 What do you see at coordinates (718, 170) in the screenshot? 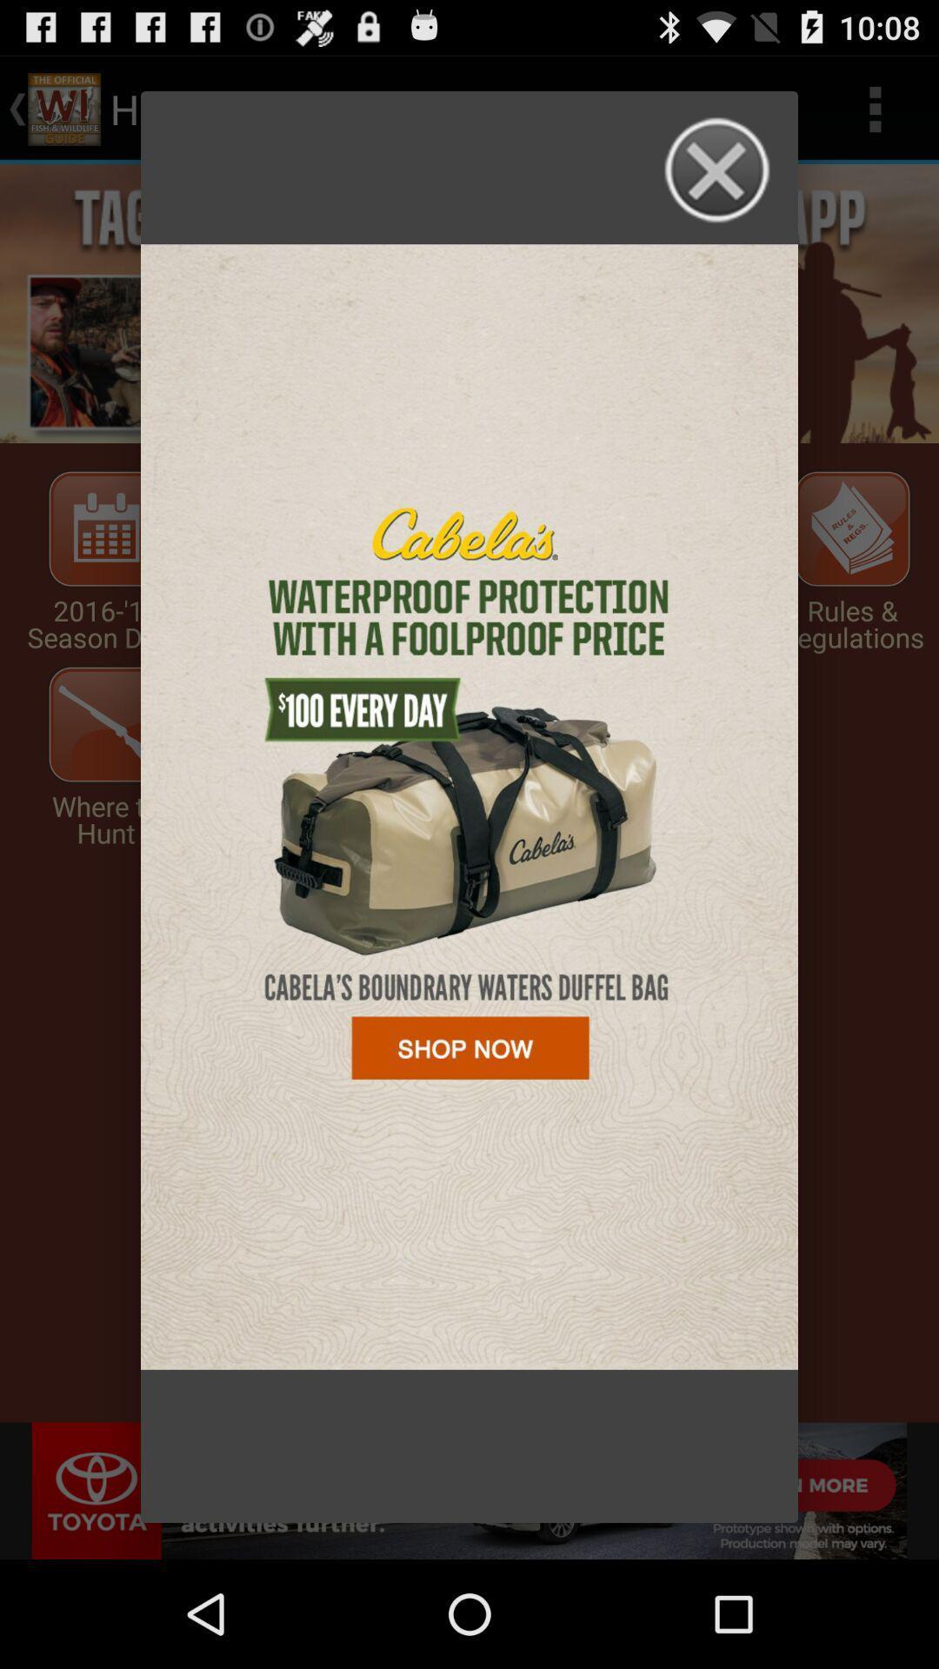
I see `window` at bounding box center [718, 170].